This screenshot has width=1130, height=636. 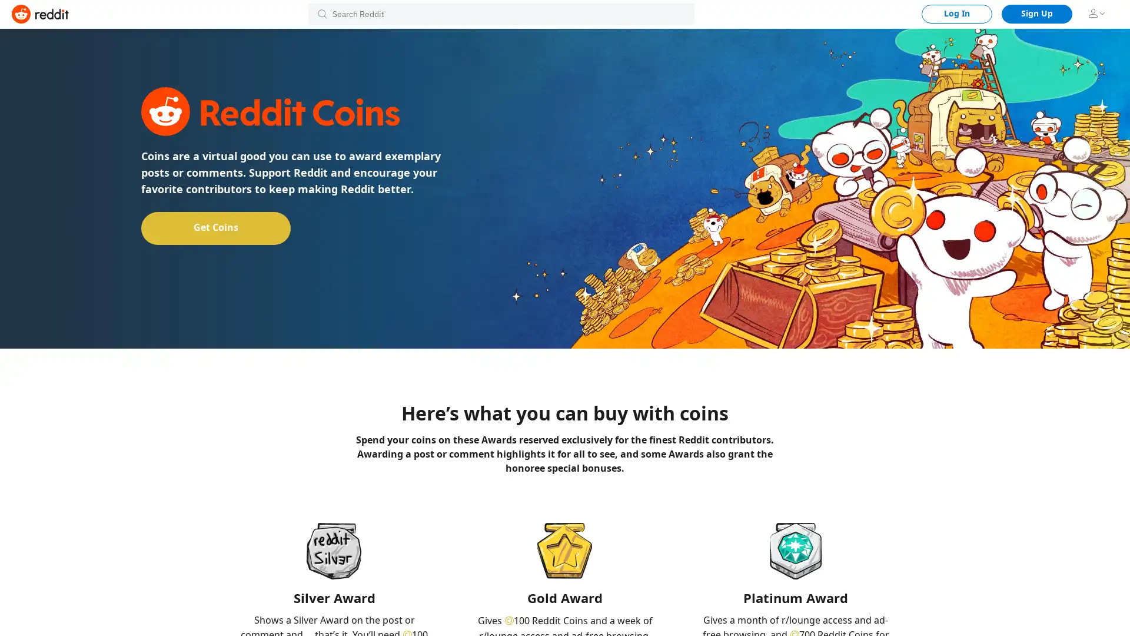 What do you see at coordinates (957, 14) in the screenshot?
I see `Log In` at bounding box center [957, 14].